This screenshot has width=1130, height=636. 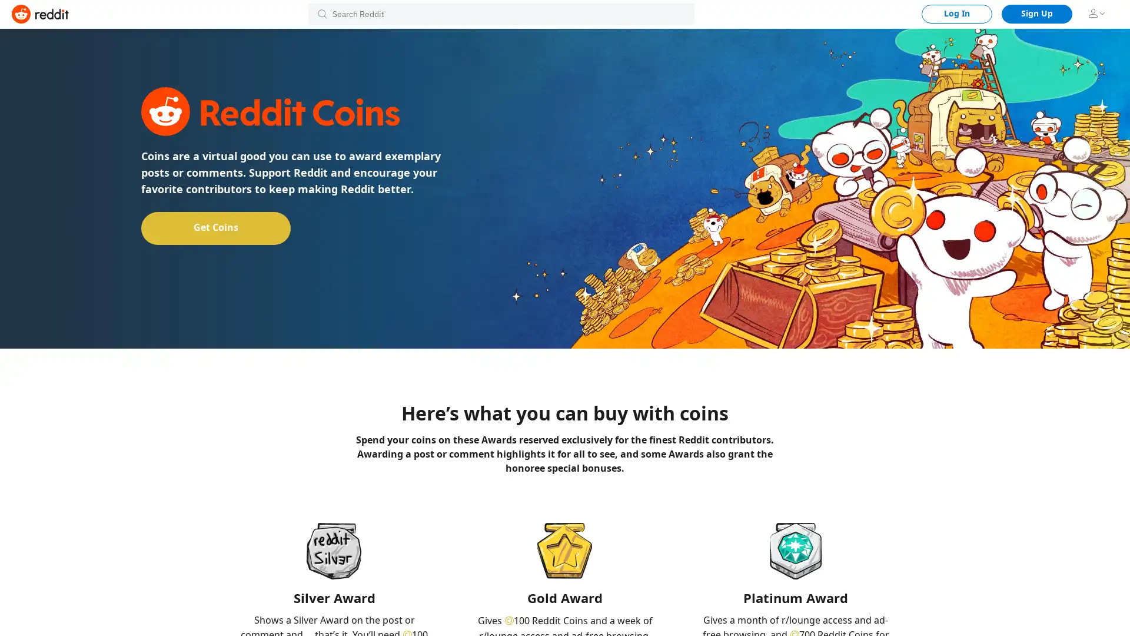 What do you see at coordinates (957, 14) in the screenshot?
I see `Log In` at bounding box center [957, 14].